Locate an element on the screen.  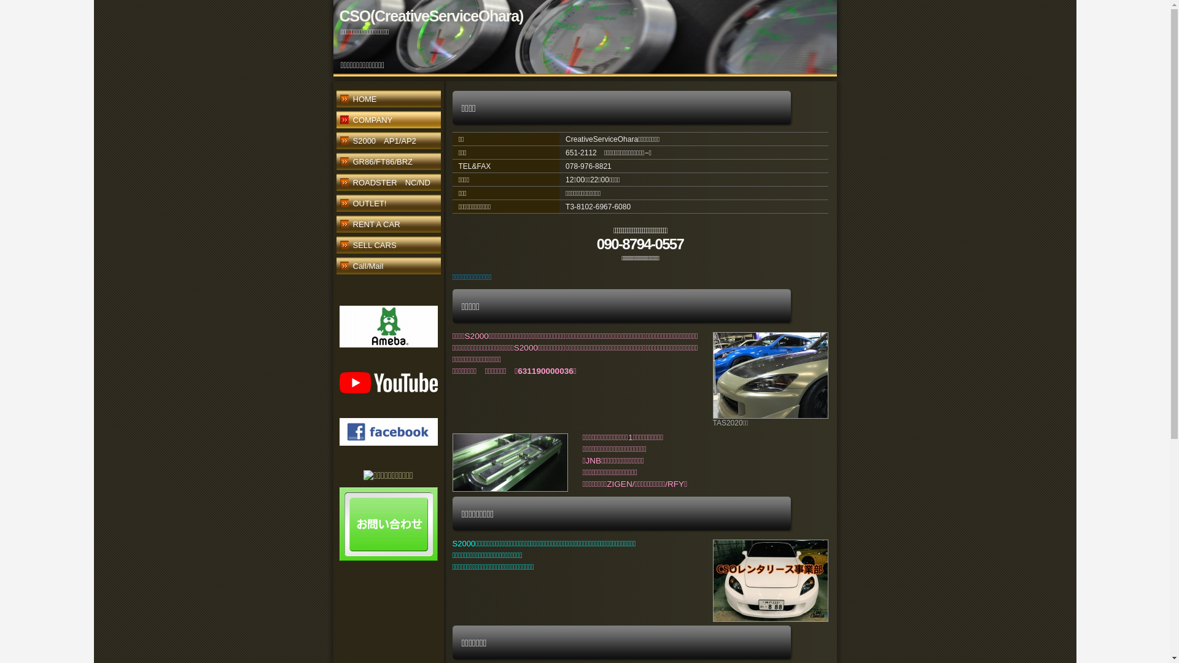
'RENT A CAR' is located at coordinates (387, 225).